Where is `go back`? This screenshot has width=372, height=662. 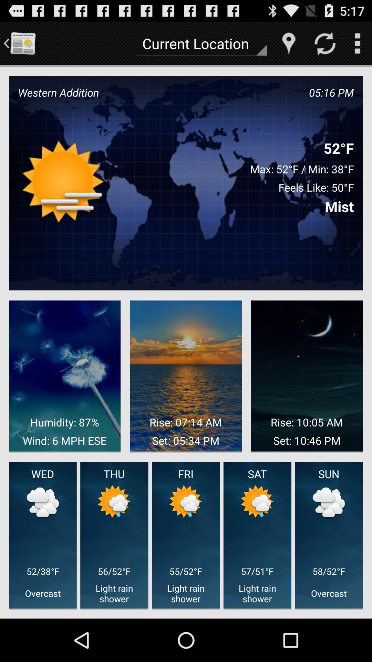 go back is located at coordinates (22, 43).